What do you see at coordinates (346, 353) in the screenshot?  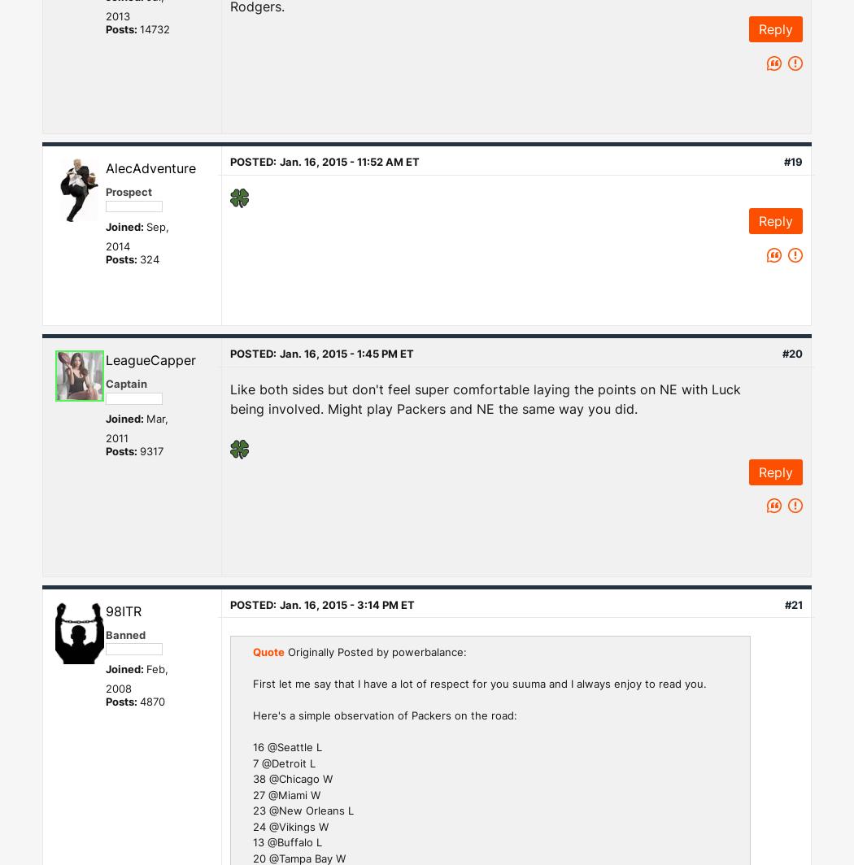 I see `'Jan. 16, 2015 - 1:45 PM ET'` at bounding box center [346, 353].